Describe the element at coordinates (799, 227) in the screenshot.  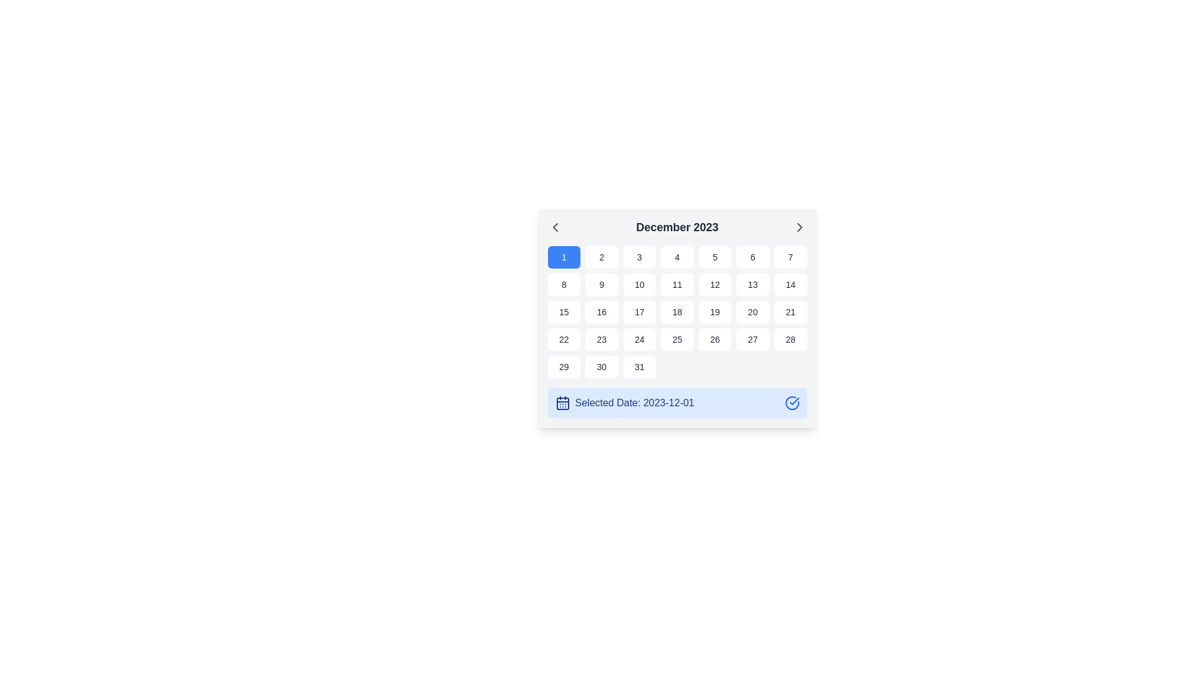
I see `the right-facing chevron button located at the top-right corner of the calendar header` at that location.